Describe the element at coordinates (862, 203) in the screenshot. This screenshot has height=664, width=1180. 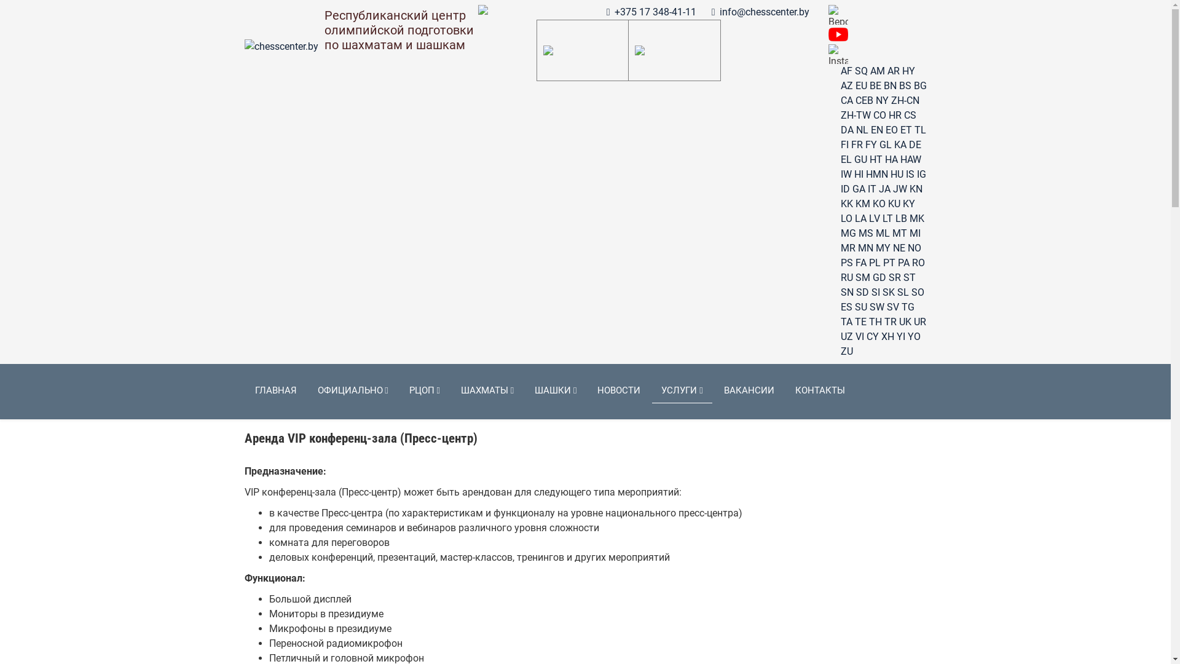
I see `'KM'` at that location.